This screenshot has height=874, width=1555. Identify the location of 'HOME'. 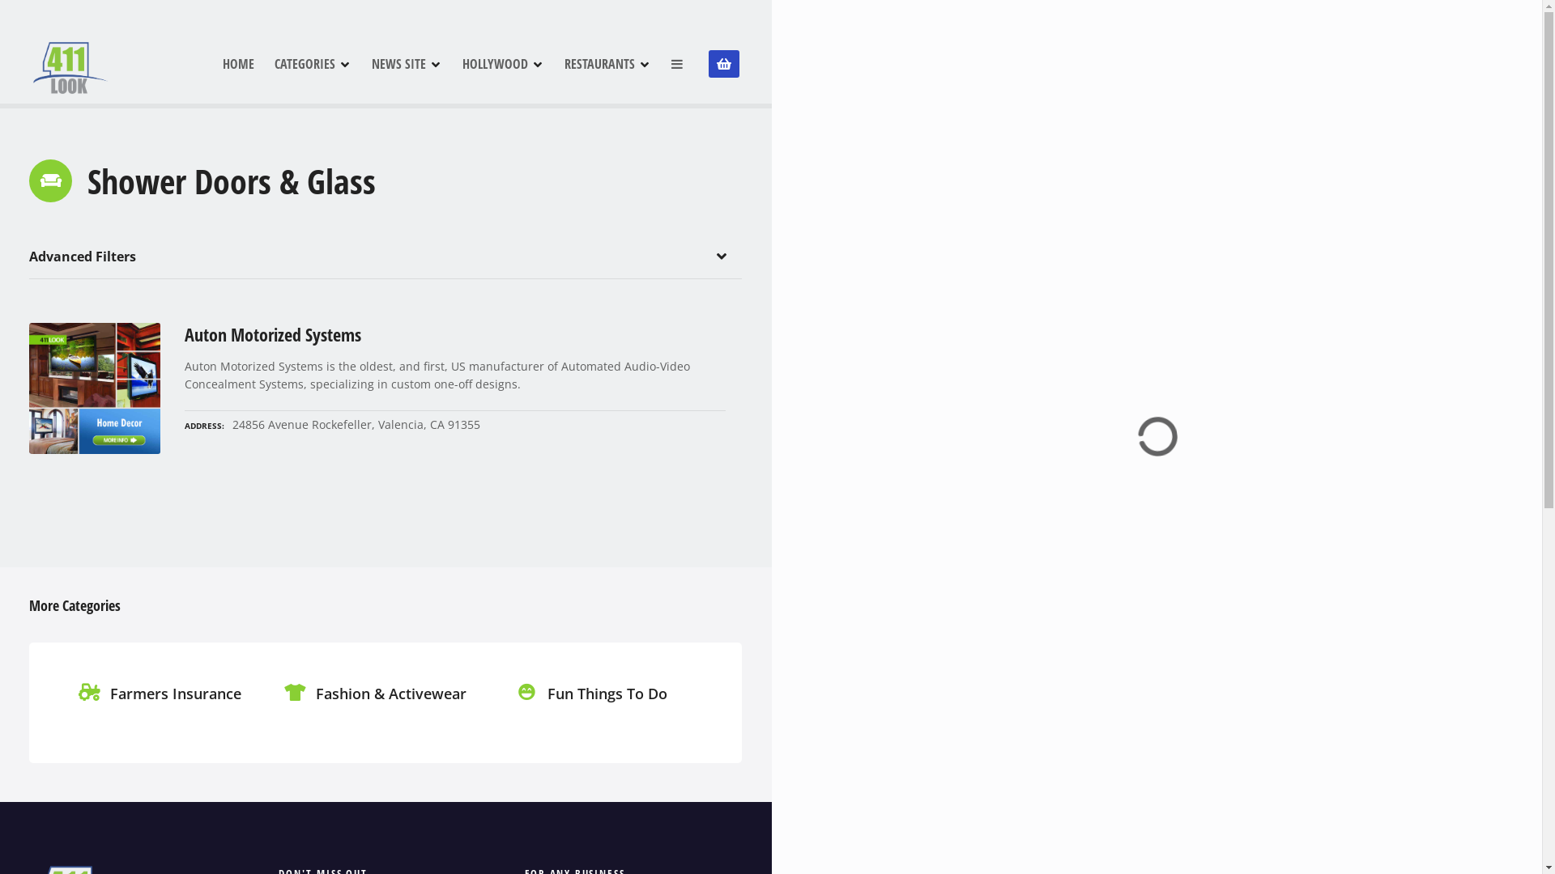
(236, 62).